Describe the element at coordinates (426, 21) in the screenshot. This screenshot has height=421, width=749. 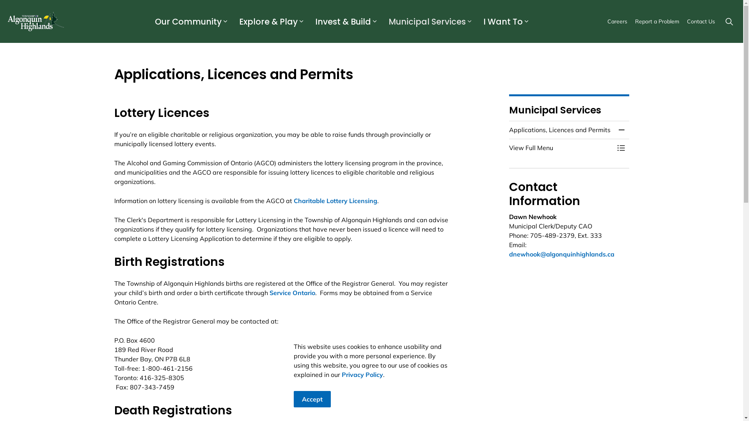
I see `'Municipal Services'` at that location.